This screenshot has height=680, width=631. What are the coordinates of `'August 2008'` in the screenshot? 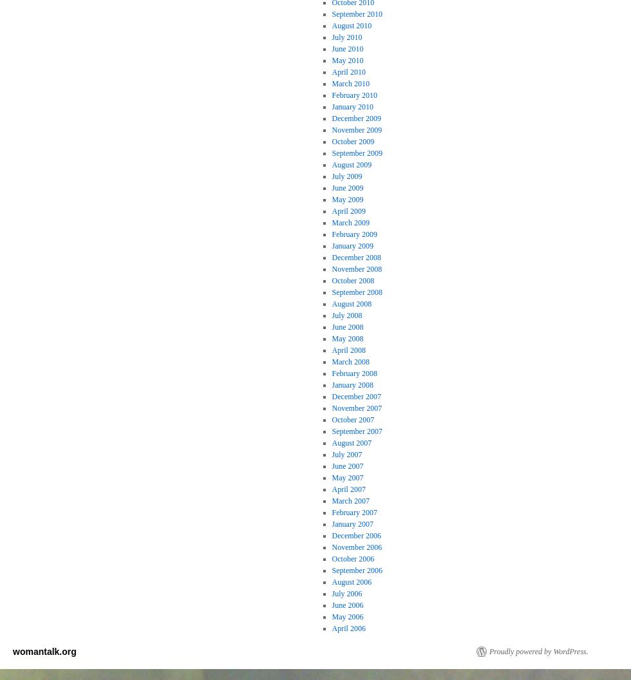 It's located at (351, 302).